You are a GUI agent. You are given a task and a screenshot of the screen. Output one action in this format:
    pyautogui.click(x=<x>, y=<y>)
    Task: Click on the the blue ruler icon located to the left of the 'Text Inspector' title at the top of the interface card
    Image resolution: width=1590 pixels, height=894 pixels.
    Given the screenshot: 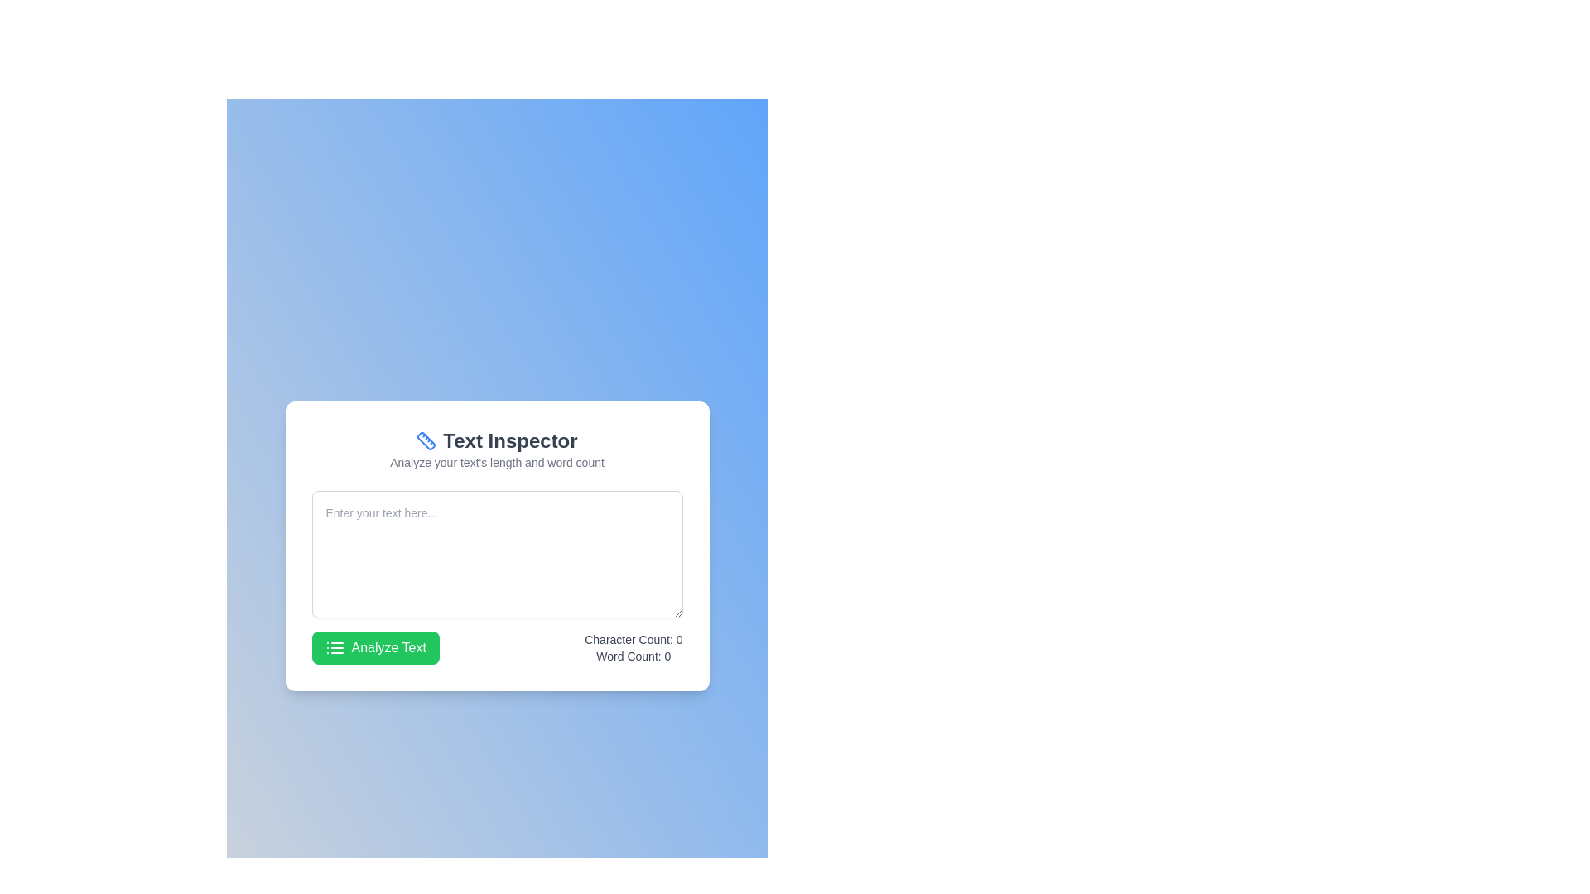 What is the action you would take?
    pyautogui.click(x=426, y=440)
    